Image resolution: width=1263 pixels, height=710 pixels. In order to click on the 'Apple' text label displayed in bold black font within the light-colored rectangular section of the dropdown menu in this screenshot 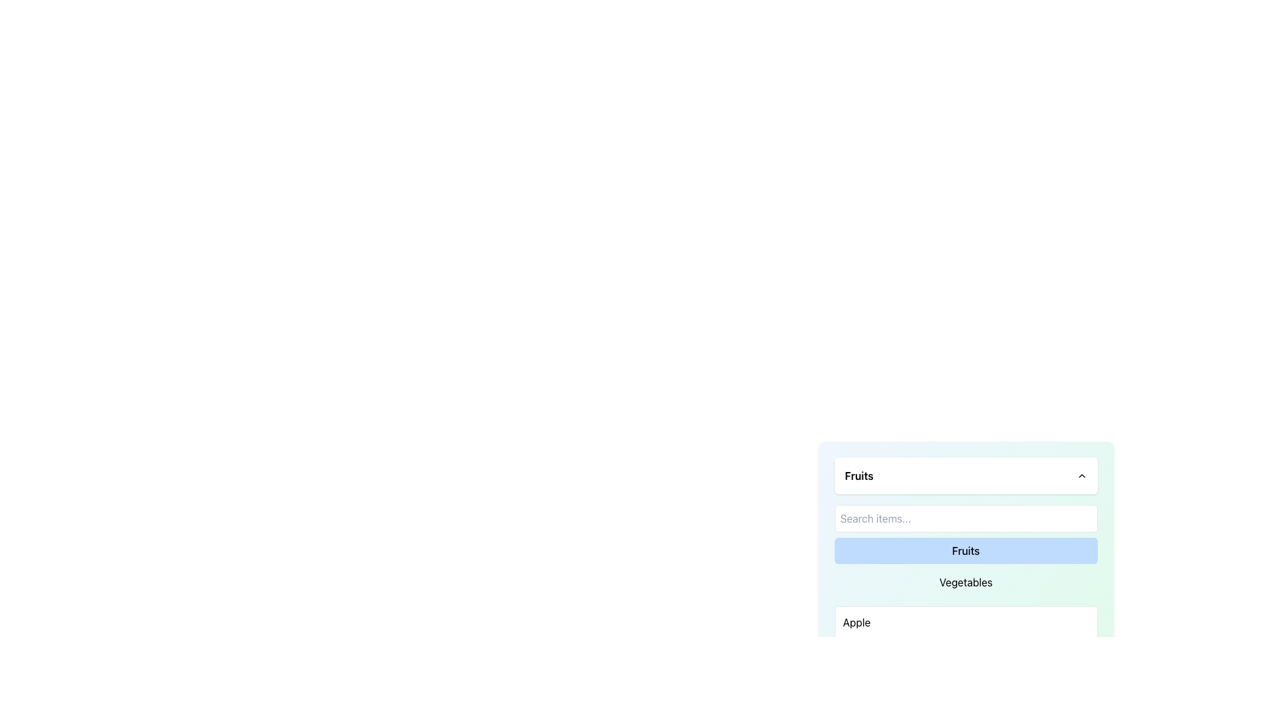, I will do `click(856, 622)`.